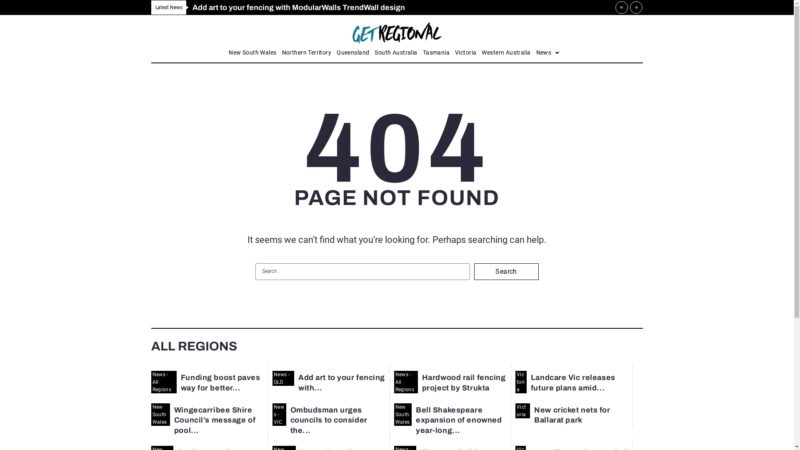  What do you see at coordinates (395, 52) in the screenshot?
I see `'South Australia'` at bounding box center [395, 52].